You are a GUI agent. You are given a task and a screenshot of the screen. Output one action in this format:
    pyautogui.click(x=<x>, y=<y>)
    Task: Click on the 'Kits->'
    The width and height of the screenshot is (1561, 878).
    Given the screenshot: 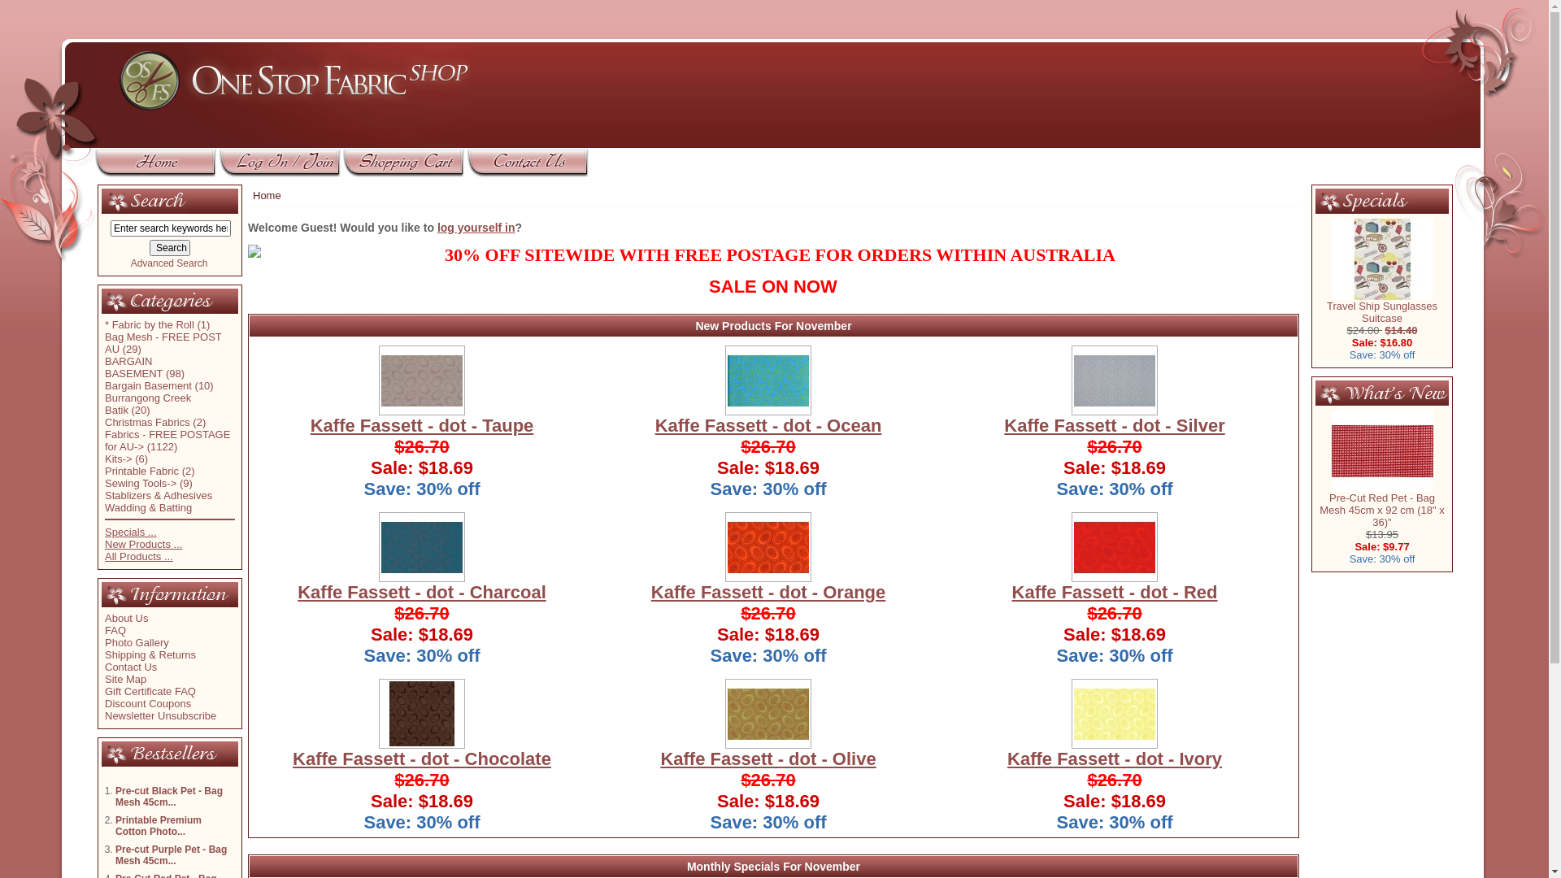 What is the action you would take?
    pyautogui.click(x=117, y=459)
    